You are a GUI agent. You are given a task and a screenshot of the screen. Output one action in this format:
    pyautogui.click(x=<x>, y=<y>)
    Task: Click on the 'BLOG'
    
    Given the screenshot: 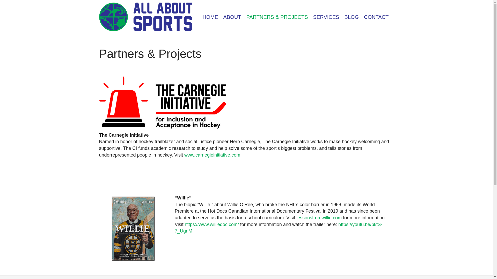 What is the action you would take?
    pyautogui.click(x=352, y=17)
    